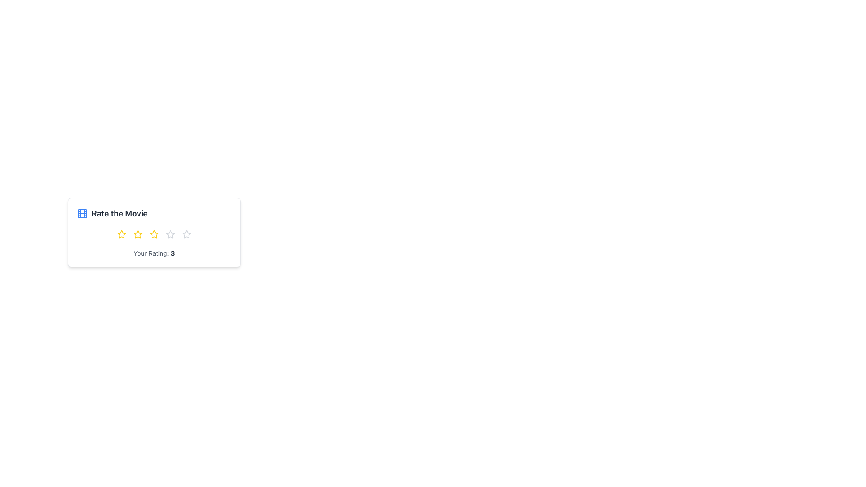 The width and height of the screenshot is (866, 487). What do you see at coordinates (154, 253) in the screenshot?
I see `the informative text label that displays the current selected rating value, located at the bottom-center of the 'Rate the Movie' card component` at bounding box center [154, 253].